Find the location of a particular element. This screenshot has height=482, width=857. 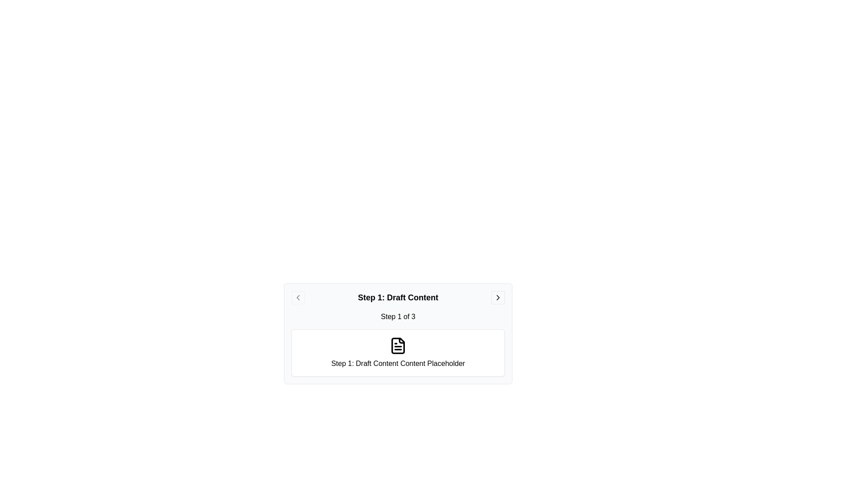

the navigation button to move to the previous step is located at coordinates (298, 298).